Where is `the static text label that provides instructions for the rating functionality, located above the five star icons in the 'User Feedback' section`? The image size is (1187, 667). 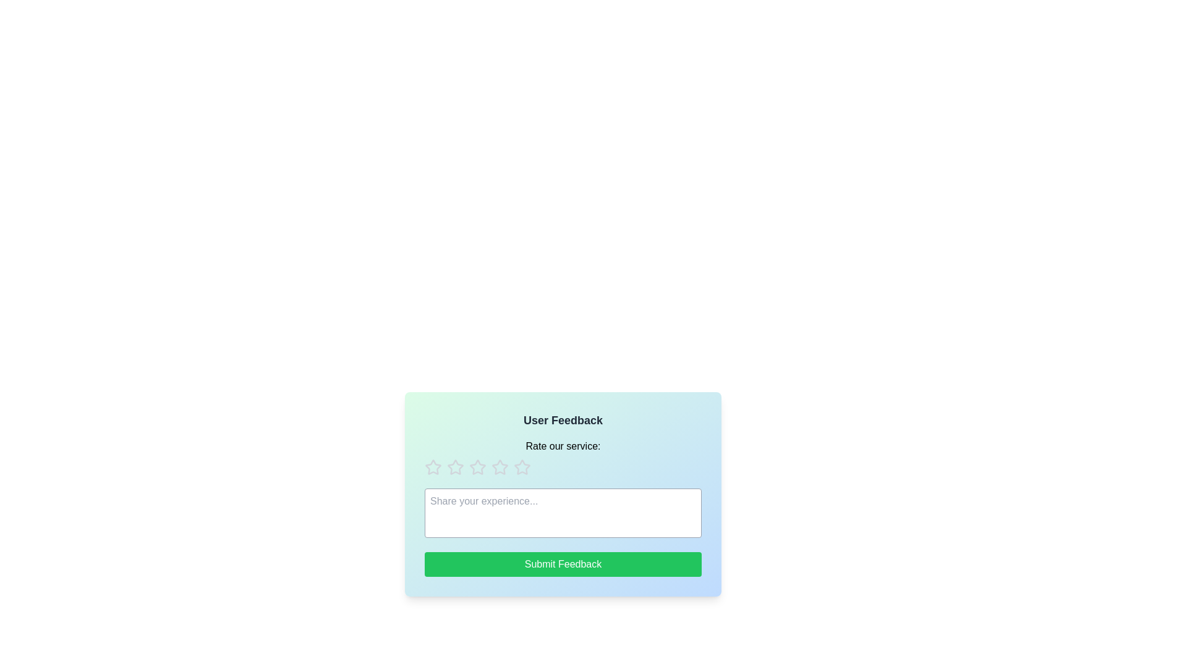
the static text label that provides instructions for the rating functionality, located above the five star icons in the 'User Feedback' section is located at coordinates (563, 446).